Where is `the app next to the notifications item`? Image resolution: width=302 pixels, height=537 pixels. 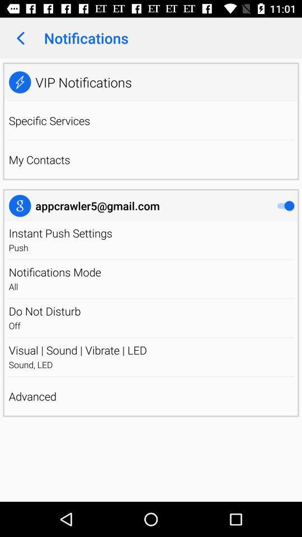
the app next to the notifications item is located at coordinates (20, 38).